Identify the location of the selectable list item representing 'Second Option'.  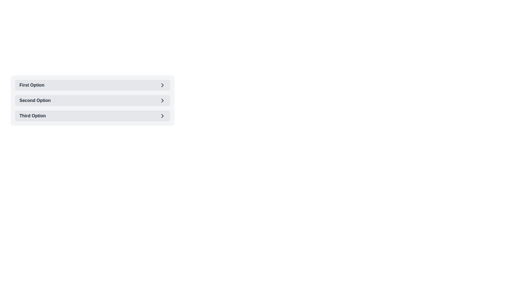
(92, 100).